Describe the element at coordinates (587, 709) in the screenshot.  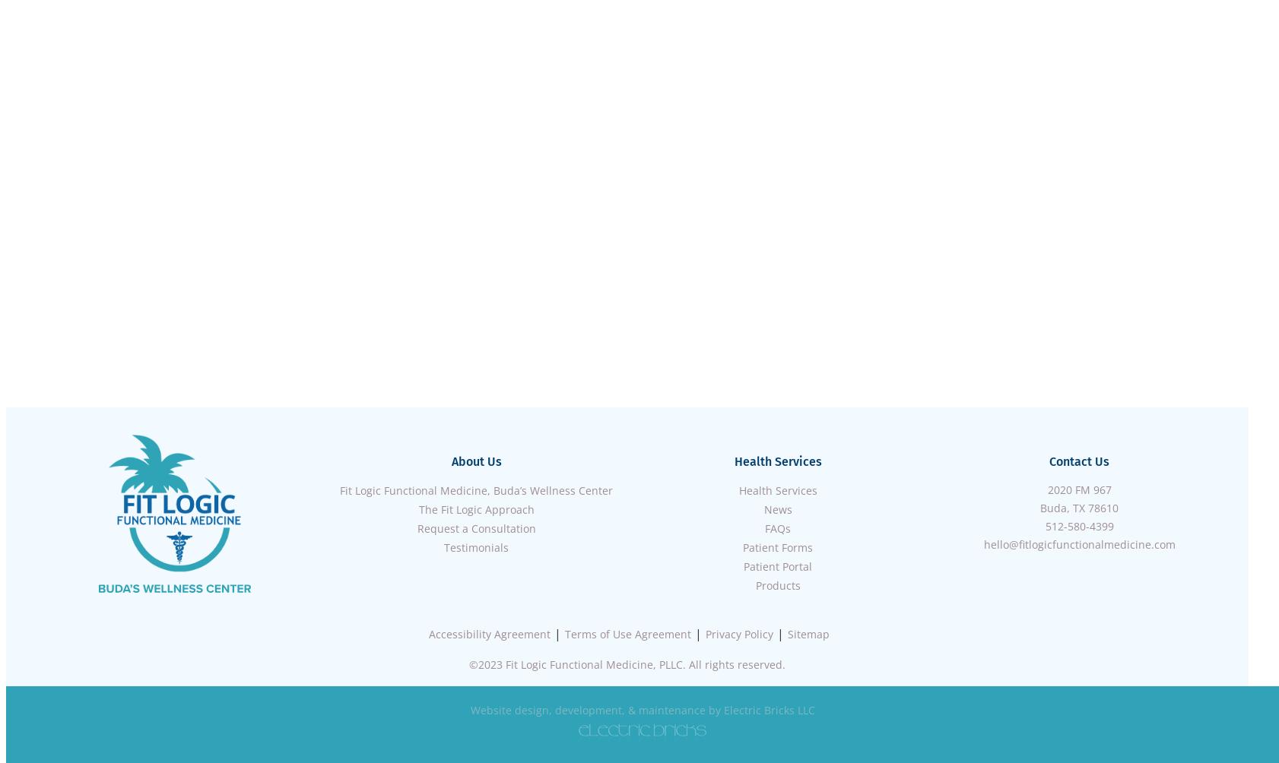
I see `'Website design, development, & maintenance'` at that location.